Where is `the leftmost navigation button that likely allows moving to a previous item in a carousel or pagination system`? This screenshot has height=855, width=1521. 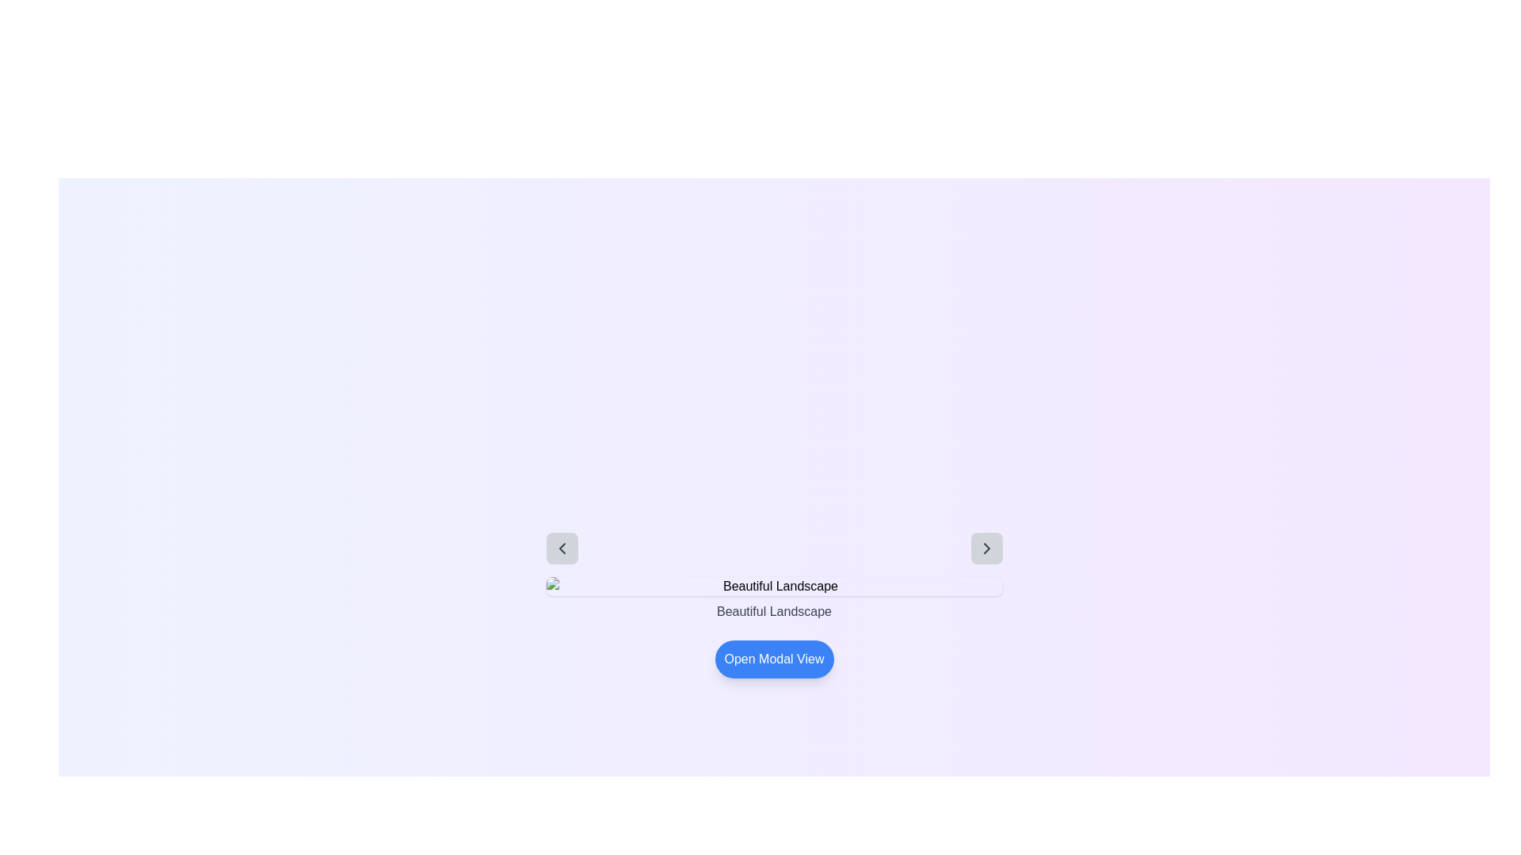
the leftmost navigation button that likely allows moving to a previous item in a carousel or pagination system is located at coordinates (562, 548).